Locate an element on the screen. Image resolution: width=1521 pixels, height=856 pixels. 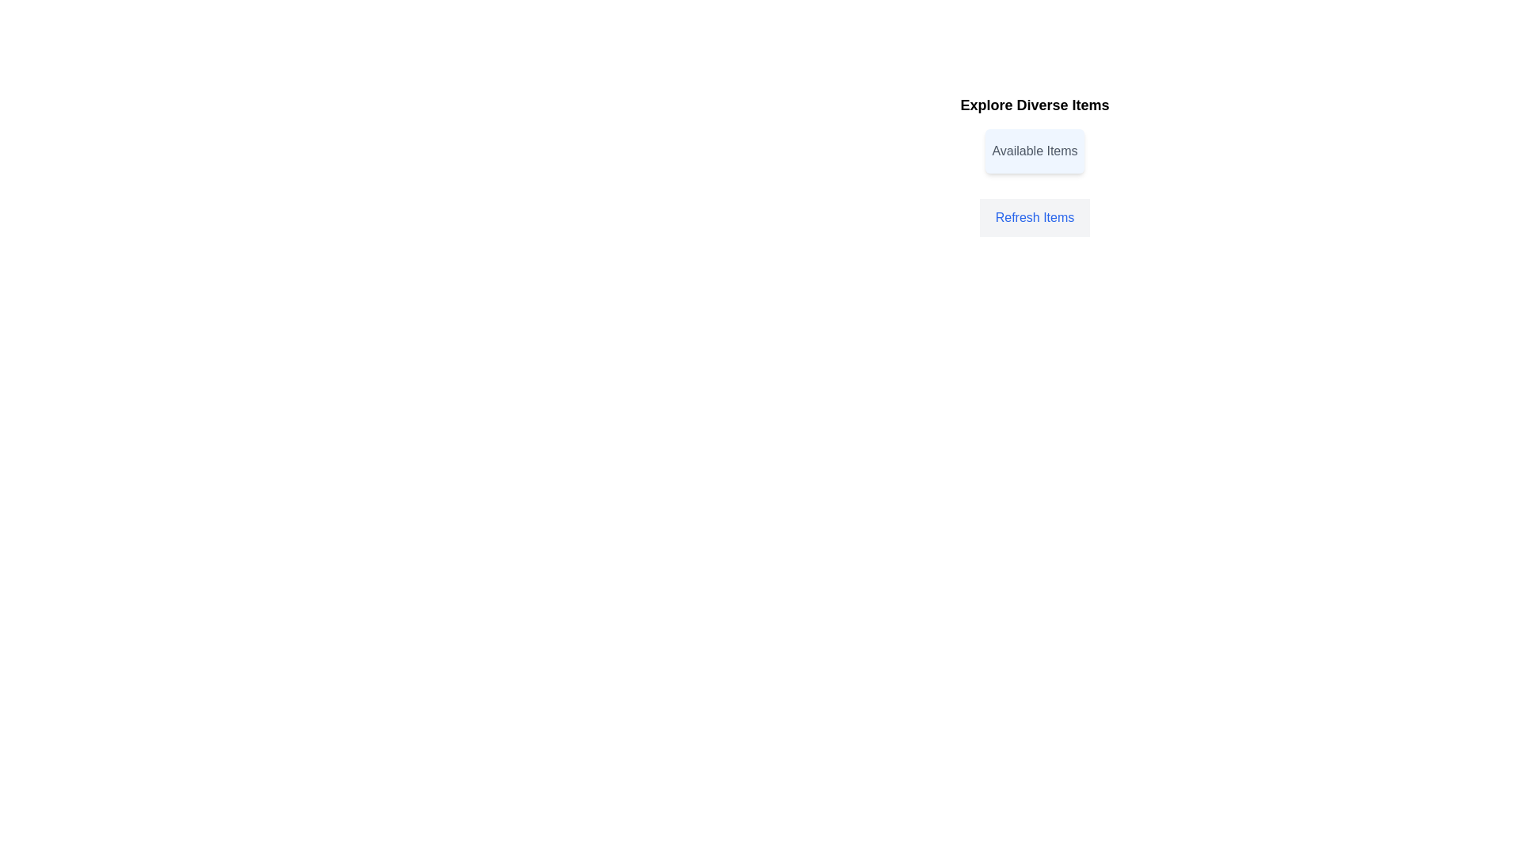
the 'Refresh Items' button to open the context menu is located at coordinates (1035, 217).